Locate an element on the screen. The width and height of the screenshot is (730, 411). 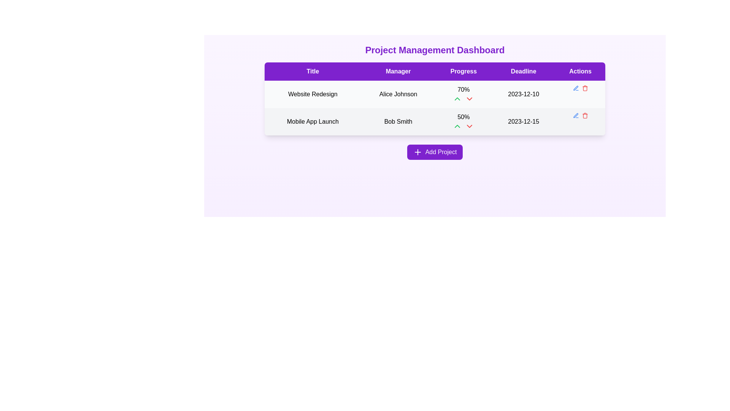
the 'Progress' column header cell in the project management table, which is the third column header following 'Title' and 'Manager' is located at coordinates (463, 72).